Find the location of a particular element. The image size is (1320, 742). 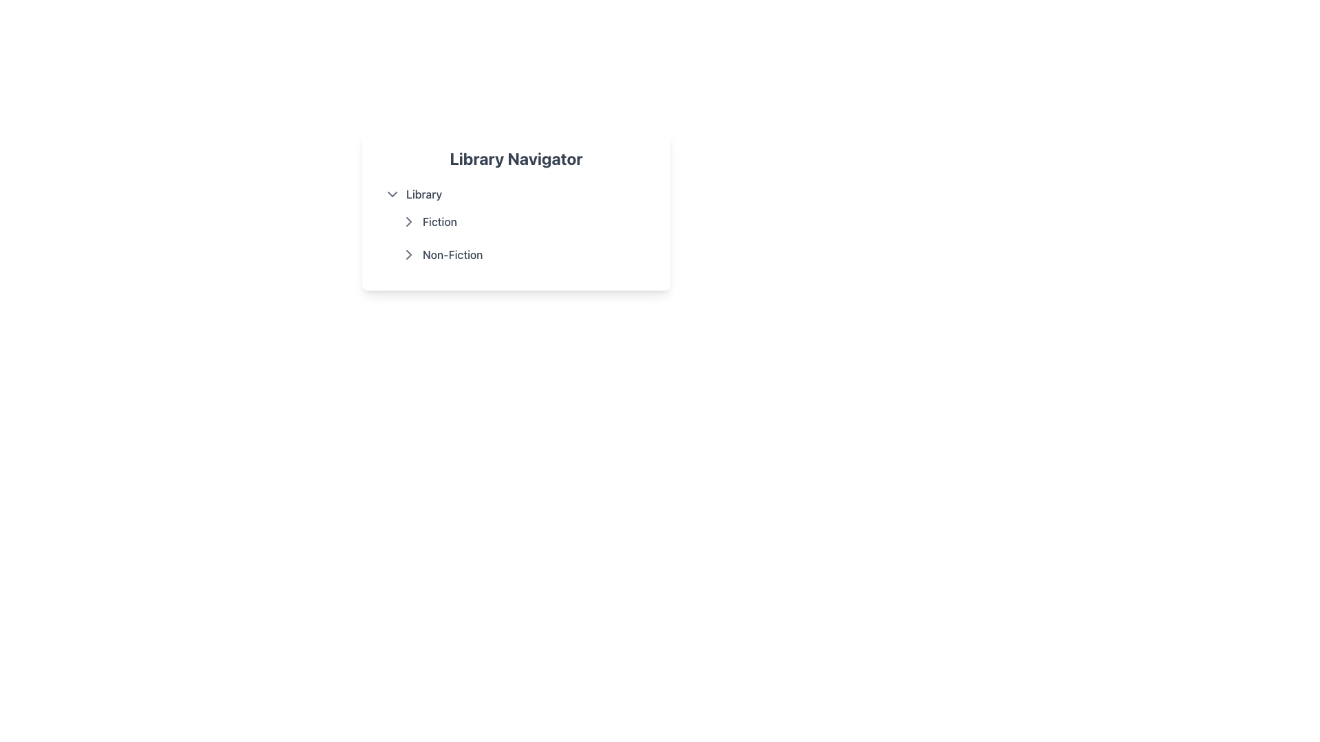

the first menu item in the navigation menu that leads to the 'Fiction' category is located at coordinates (515, 221).